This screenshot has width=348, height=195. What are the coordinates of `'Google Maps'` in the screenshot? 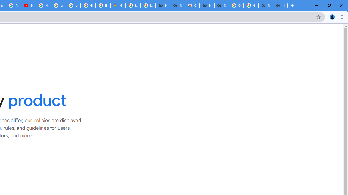 It's located at (118, 5).